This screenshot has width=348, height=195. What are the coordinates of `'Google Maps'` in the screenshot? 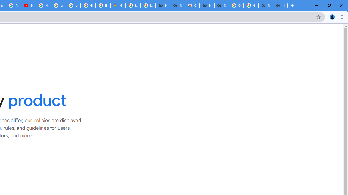 It's located at (118, 5).